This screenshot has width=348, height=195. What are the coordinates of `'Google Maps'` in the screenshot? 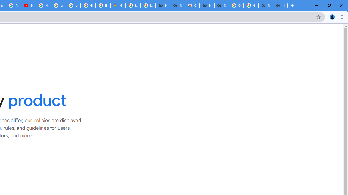 It's located at (118, 5).